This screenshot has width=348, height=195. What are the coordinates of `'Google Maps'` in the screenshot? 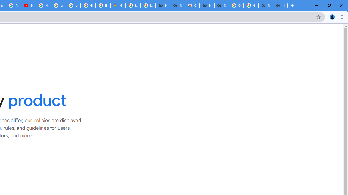 It's located at (118, 5).